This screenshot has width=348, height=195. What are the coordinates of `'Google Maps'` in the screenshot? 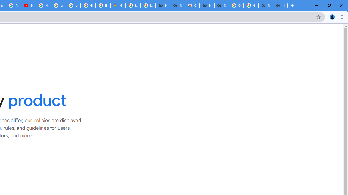 It's located at (118, 5).